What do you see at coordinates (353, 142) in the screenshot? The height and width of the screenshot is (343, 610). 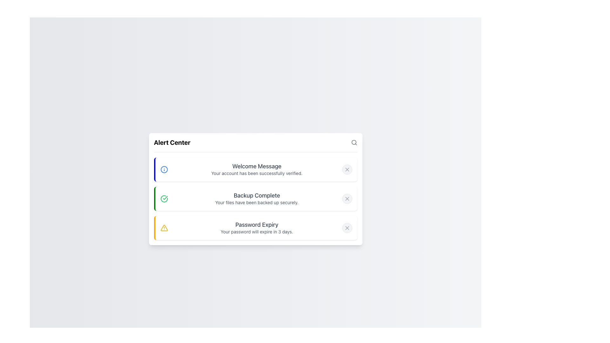 I see `the circular part of the search icon, which represents the magnifying lens for the search functionality, located at the top-right corner of the 'Alert Center' card` at bounding box center [353, 142].